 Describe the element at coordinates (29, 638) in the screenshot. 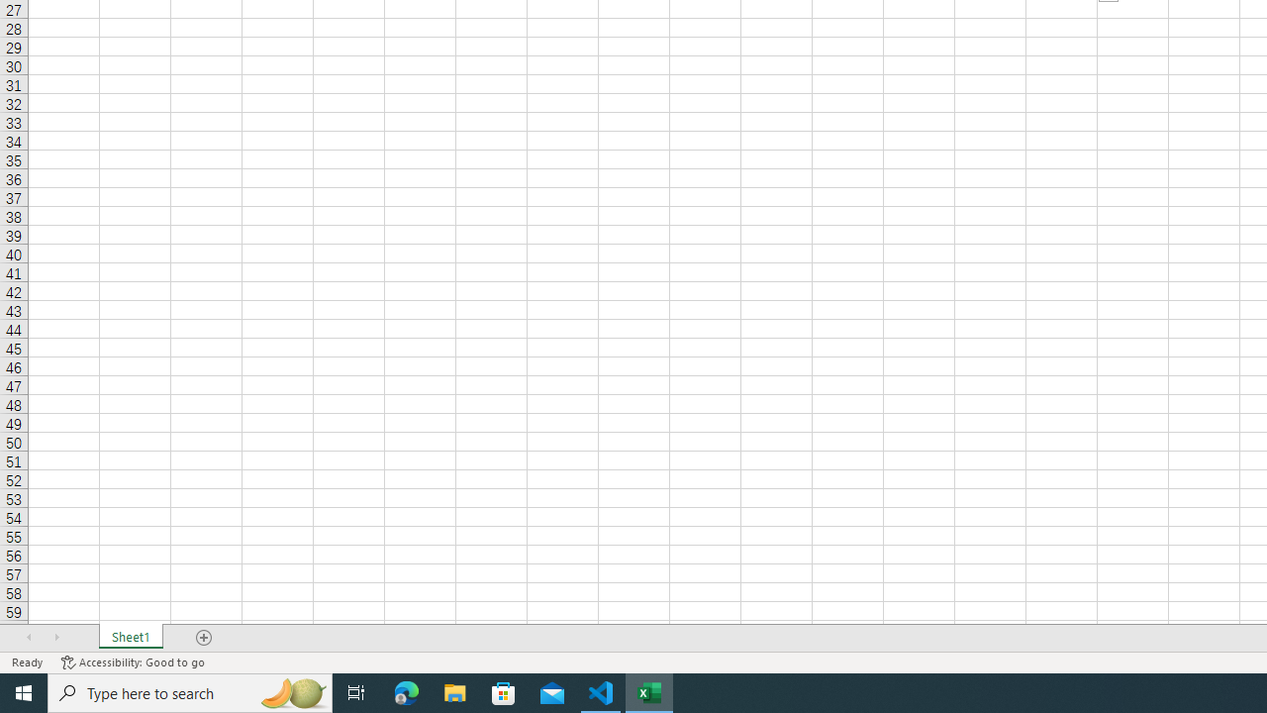

I see `'Scroll Left'` at that location.